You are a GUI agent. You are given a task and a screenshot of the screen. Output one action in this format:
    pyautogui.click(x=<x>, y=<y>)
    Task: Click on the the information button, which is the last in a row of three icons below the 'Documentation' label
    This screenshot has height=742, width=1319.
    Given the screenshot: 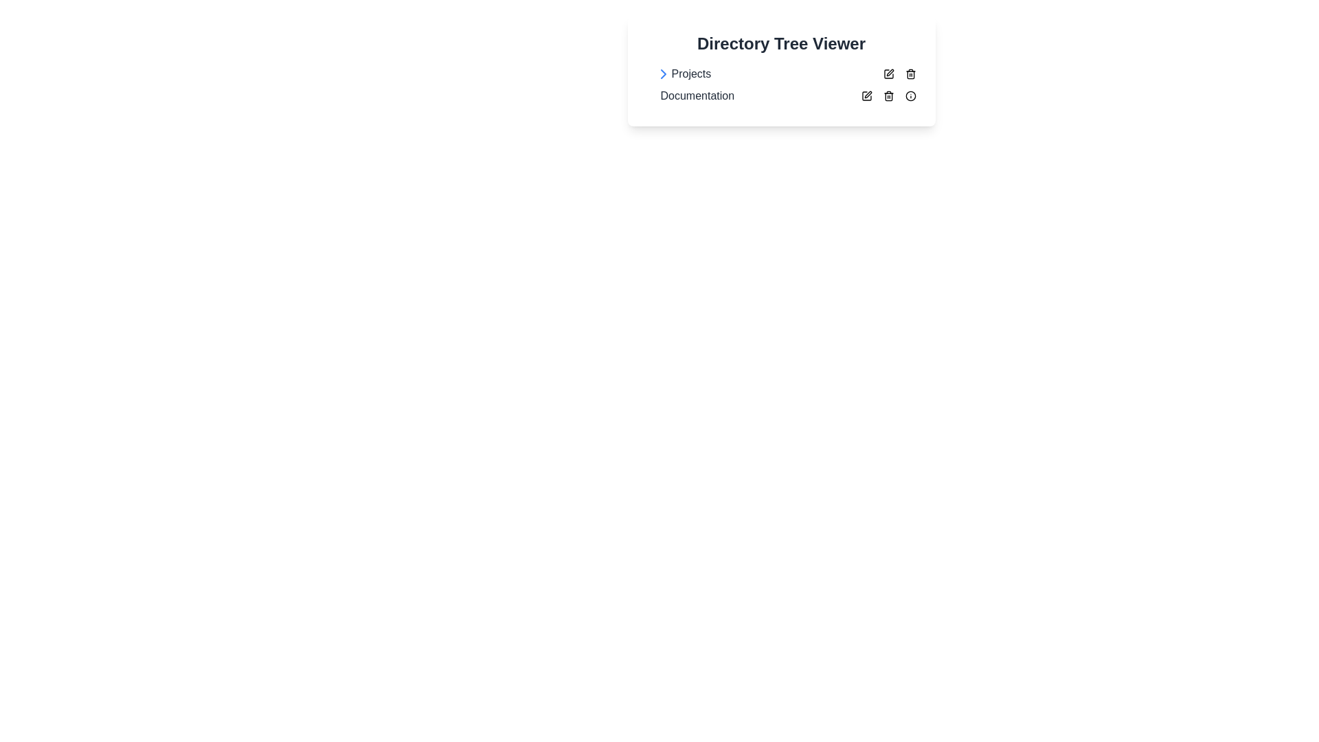 What is the action you would take?
    pyautogui.click(x=910, y=95)
    